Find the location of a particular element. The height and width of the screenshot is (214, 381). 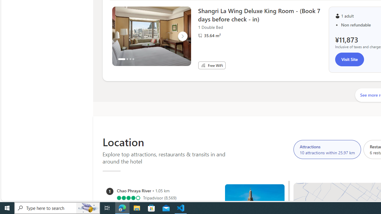

'Visit Site' is located at coordinates (349, 59).